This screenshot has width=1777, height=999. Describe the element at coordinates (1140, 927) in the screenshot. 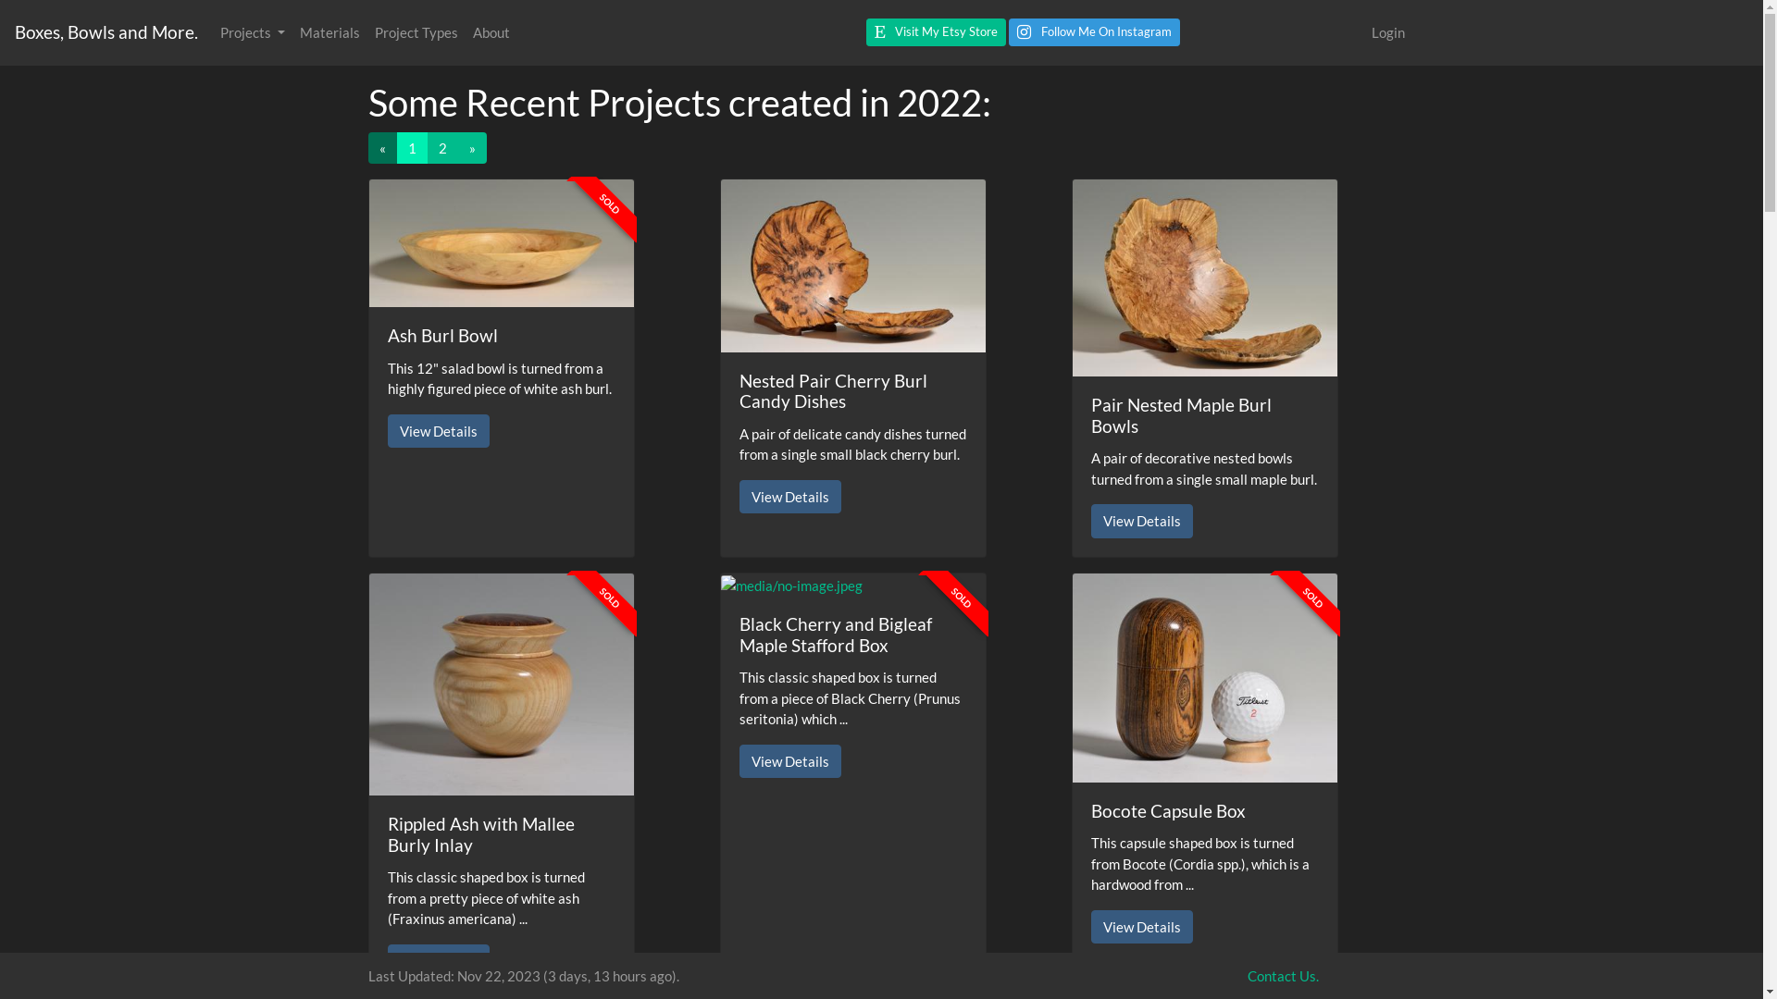

I see `'View Details'` at that location.